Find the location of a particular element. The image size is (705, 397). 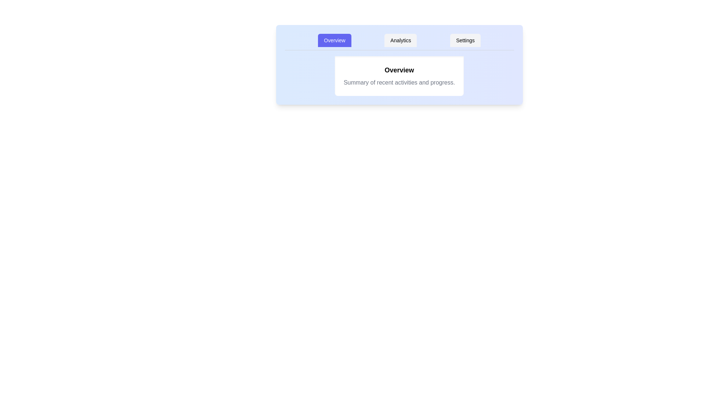

the Overview tab is located at coordinates (334, 40).